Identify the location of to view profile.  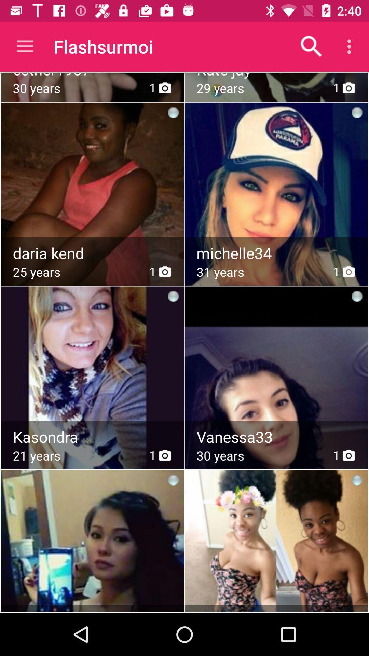
(277, 360).